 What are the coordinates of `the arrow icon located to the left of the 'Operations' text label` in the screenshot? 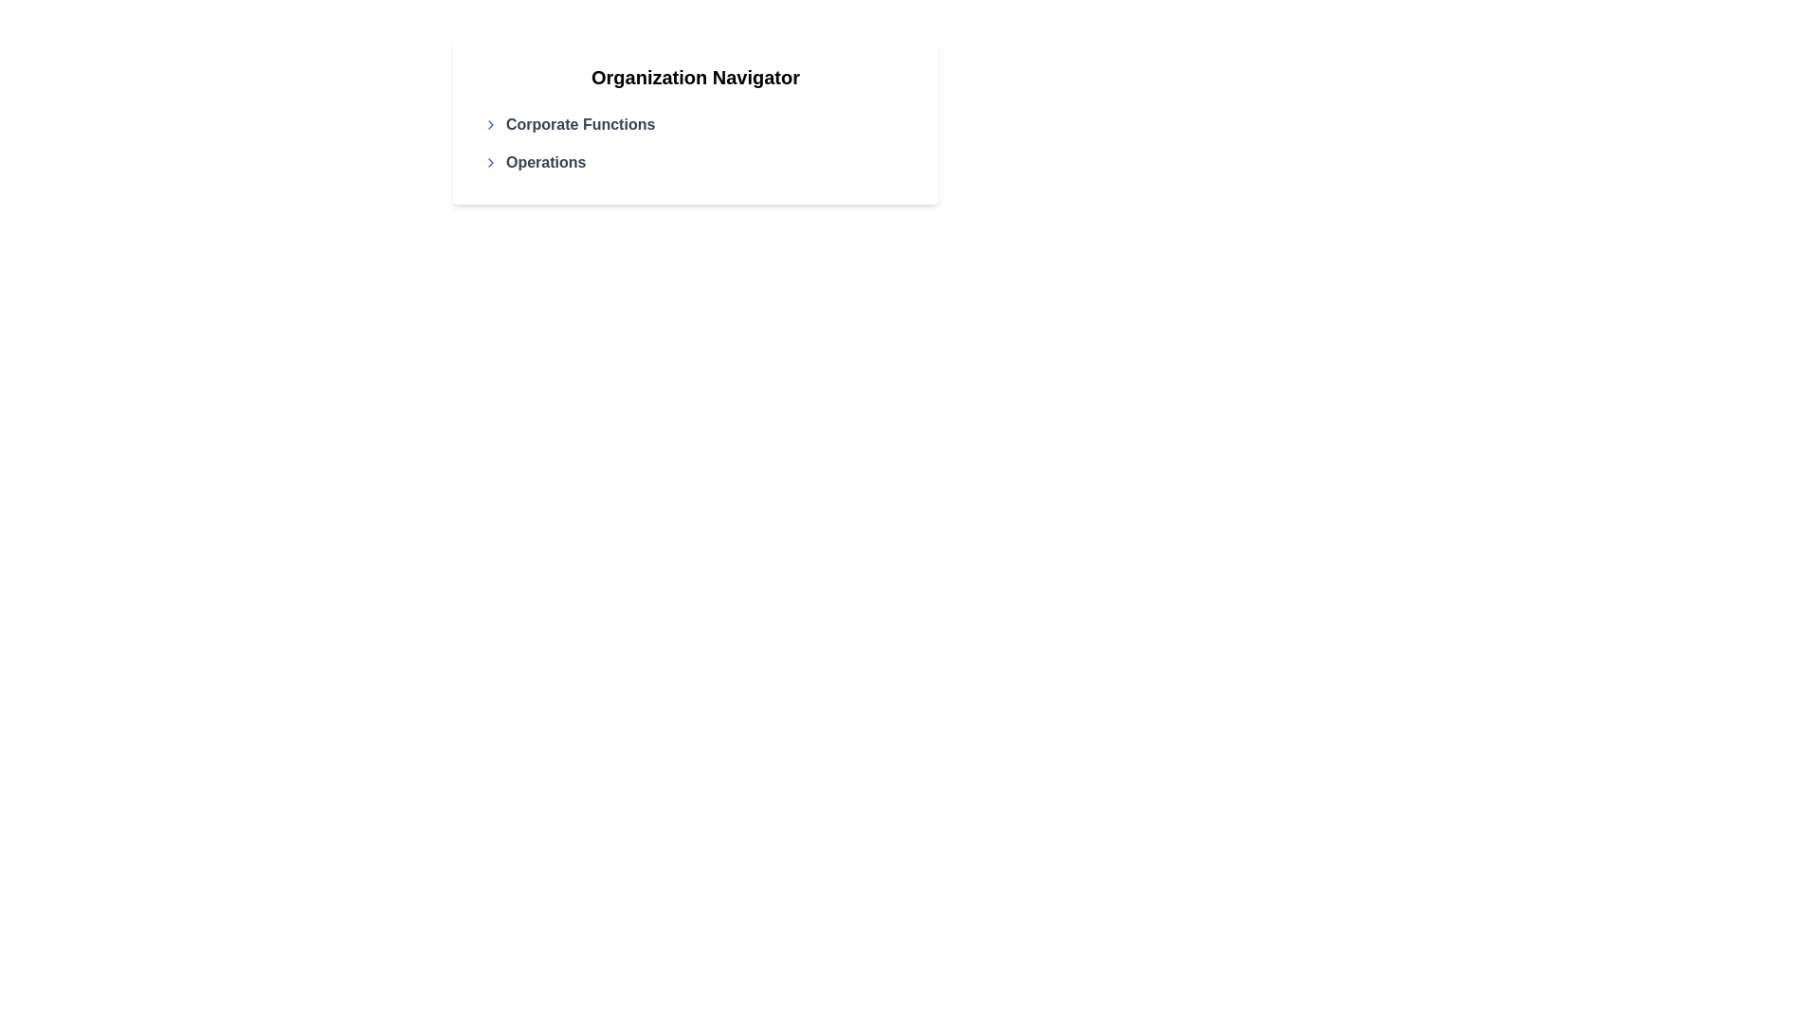 It's located at (491, 162).